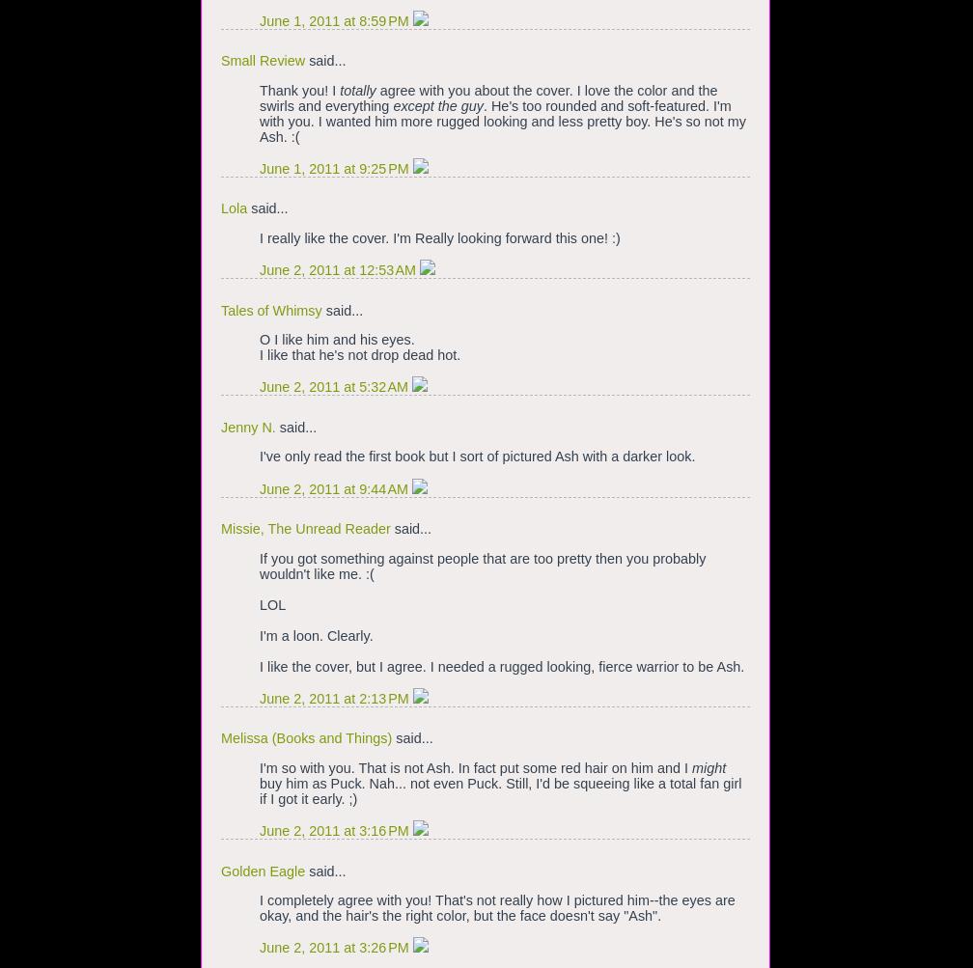 Image resolution: width=973 pixels, height=968 pixels. Describe the element at coordinates (305, 528) in the screenshot. I see `'Missie, The Unread Reader'` at that location.